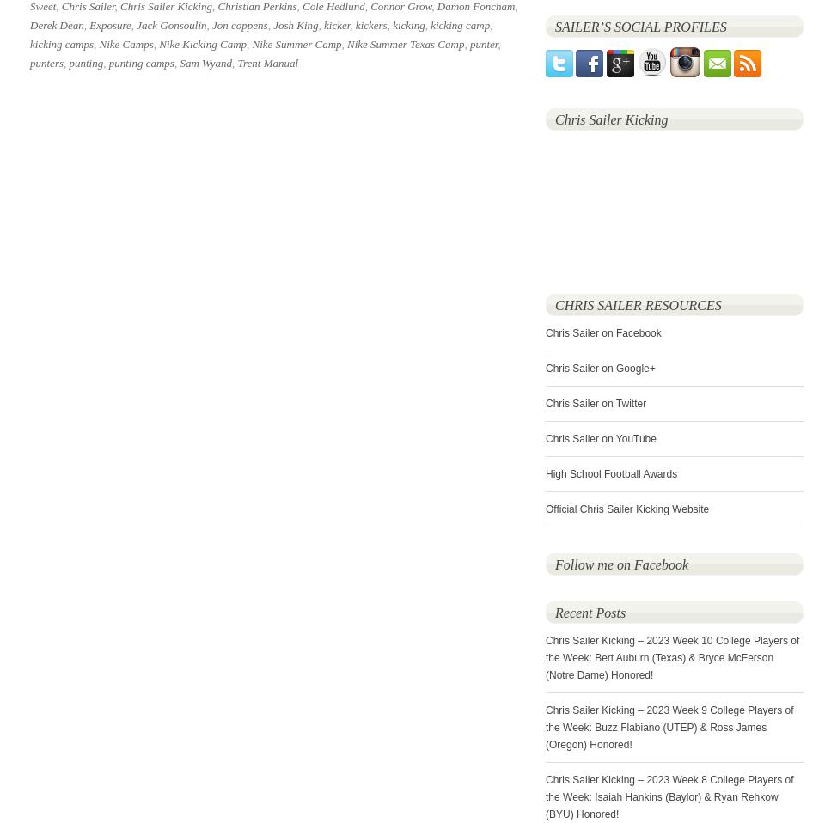  What do you see at coordinates (86, 62) in the screenshot?
I see `'punting'` at bounding box center [86, 62].